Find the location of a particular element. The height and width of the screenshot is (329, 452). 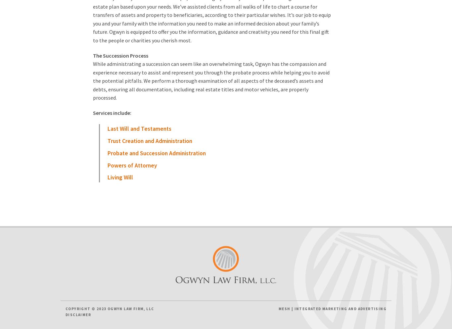

'Trust Creation and Administration' is located at coordinates (149, 140).